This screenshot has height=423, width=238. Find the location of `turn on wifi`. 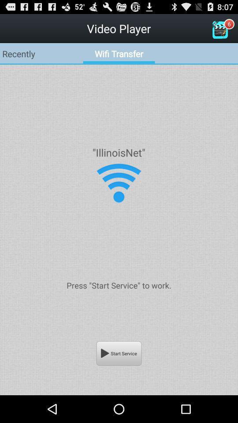

turn on wifi is located at coordinates (119, 182).